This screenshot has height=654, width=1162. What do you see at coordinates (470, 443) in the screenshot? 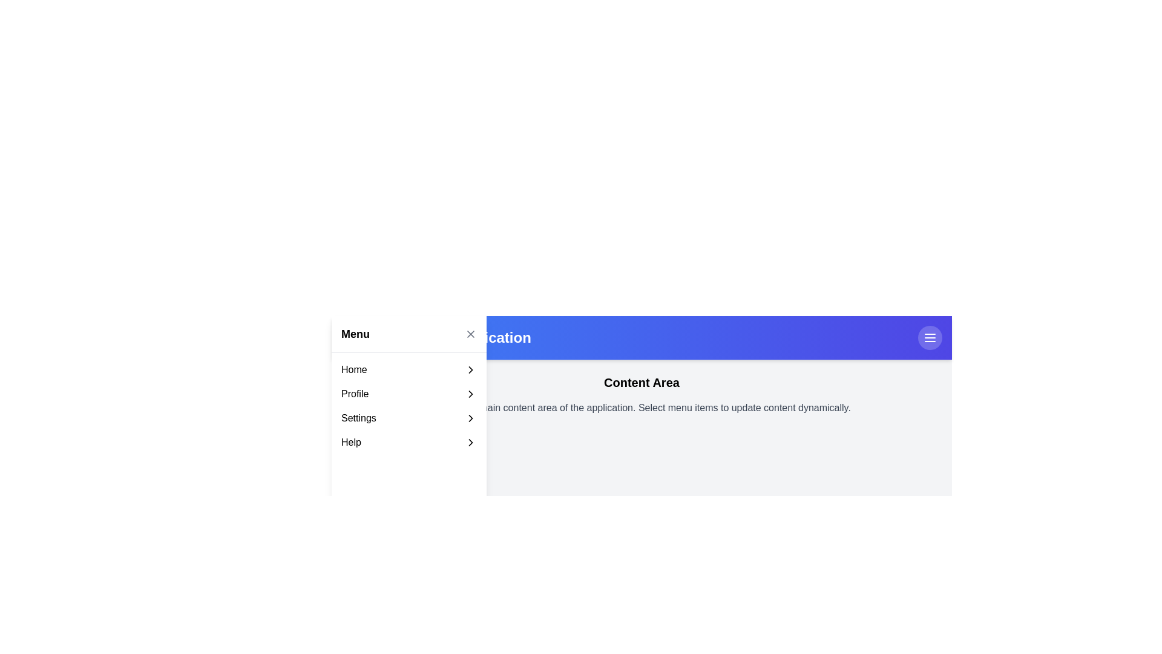
I see `the last chevron icon in the rightmost area of the 'Help' menu item, which indicates further content or an associated action` at bounding box center [470, 443].